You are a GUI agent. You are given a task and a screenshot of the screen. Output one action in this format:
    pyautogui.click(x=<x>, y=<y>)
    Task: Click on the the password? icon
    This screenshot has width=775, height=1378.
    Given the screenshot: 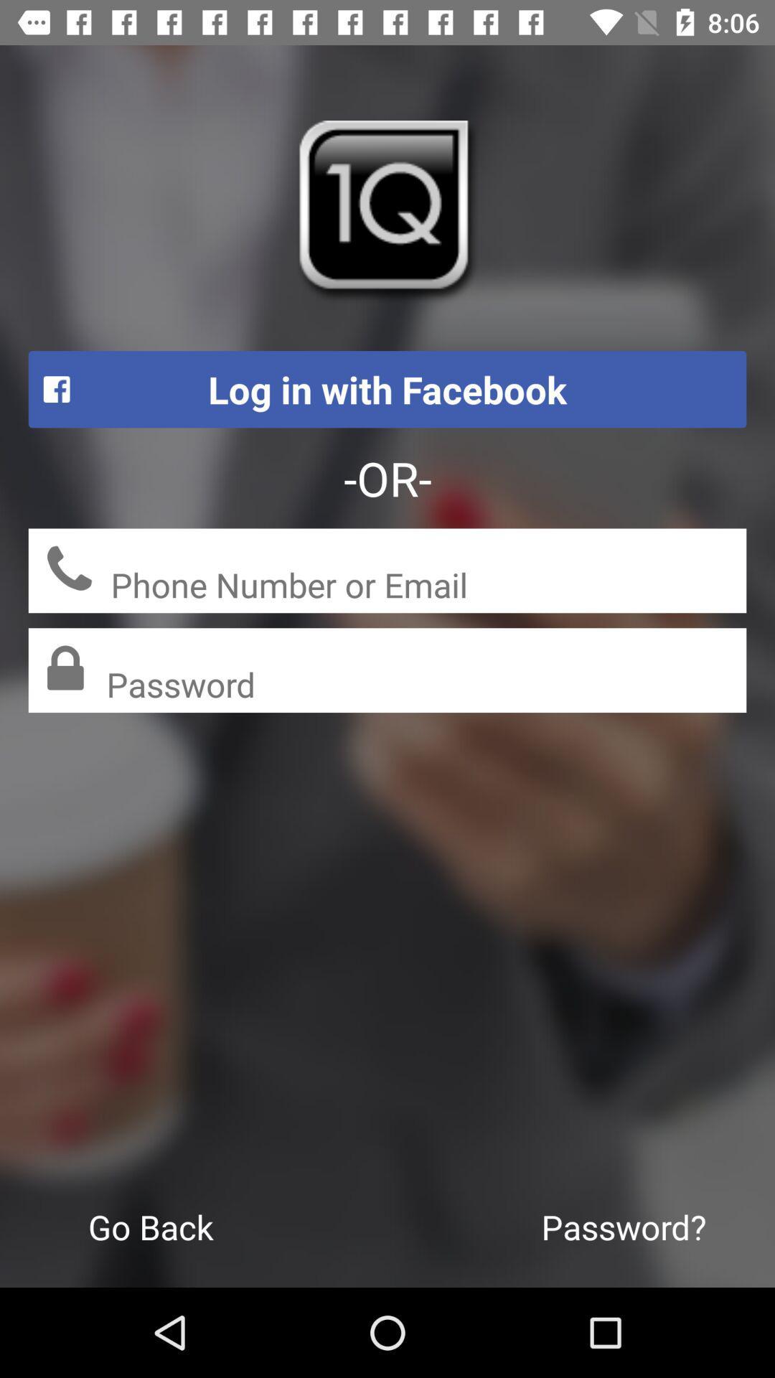 What is the action you would take?
    pyautogui.click(x=623, y=1226)
    